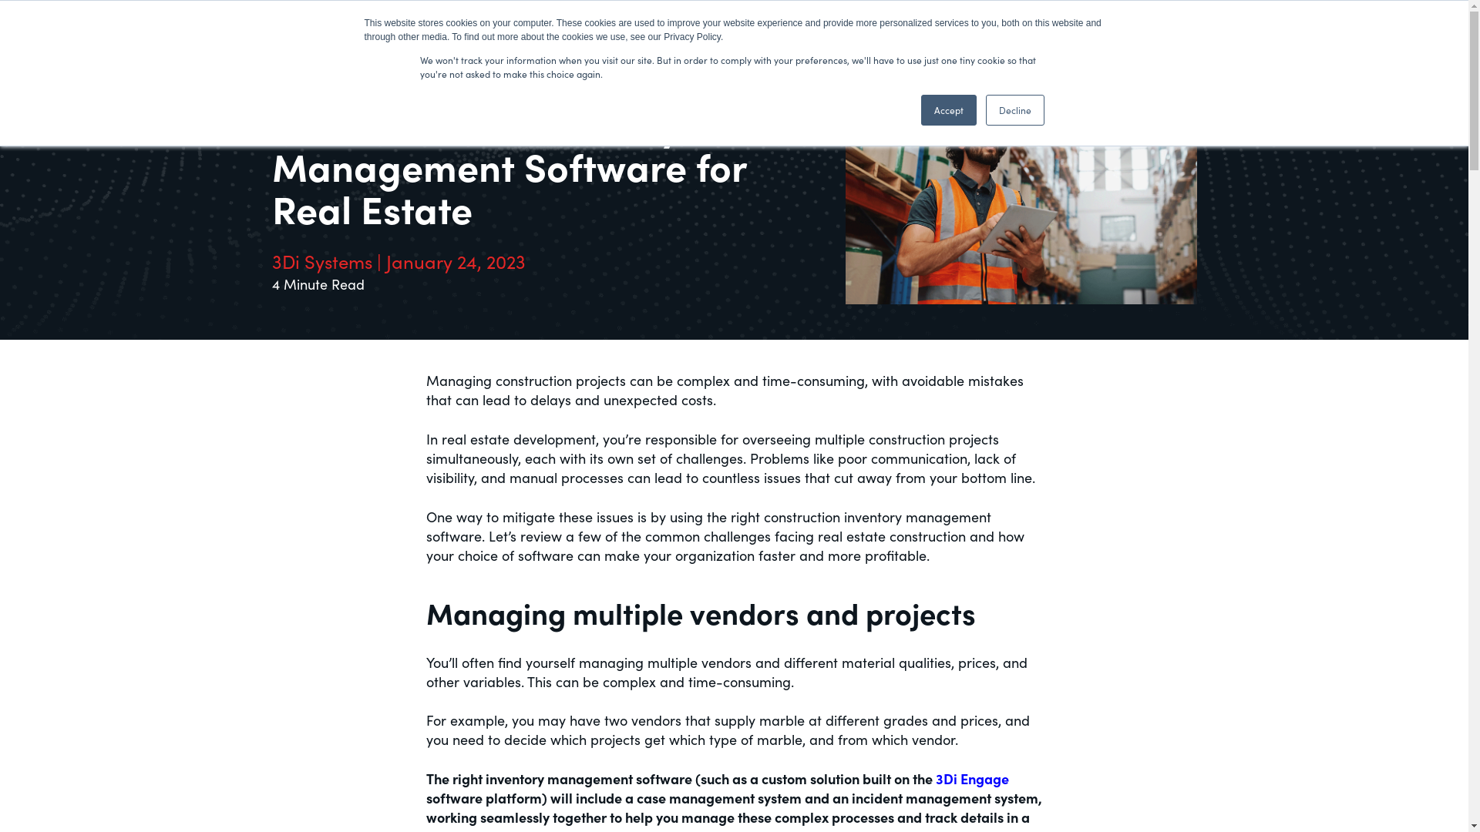 This screenshot has width=1480, height=832. What do you see at coordinates (971, 778) in the screenshot?
I see `'3Di Engage'` at bounding box center [971, 778].